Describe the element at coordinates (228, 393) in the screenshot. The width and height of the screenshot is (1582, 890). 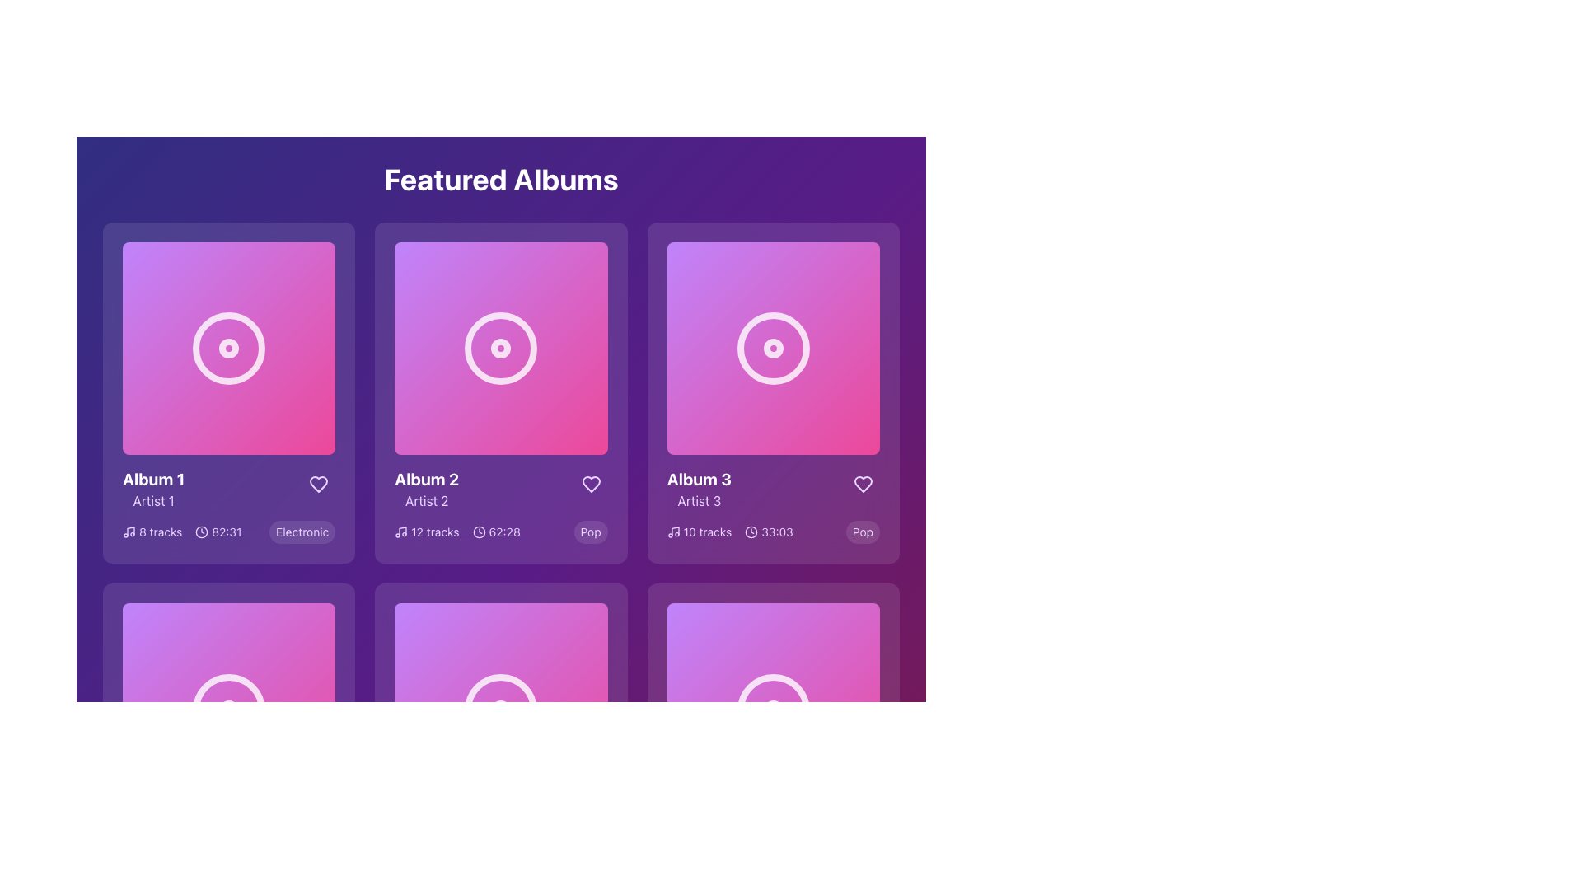
I see `the first album card located at the top-left corner of the grid layout` at that location.